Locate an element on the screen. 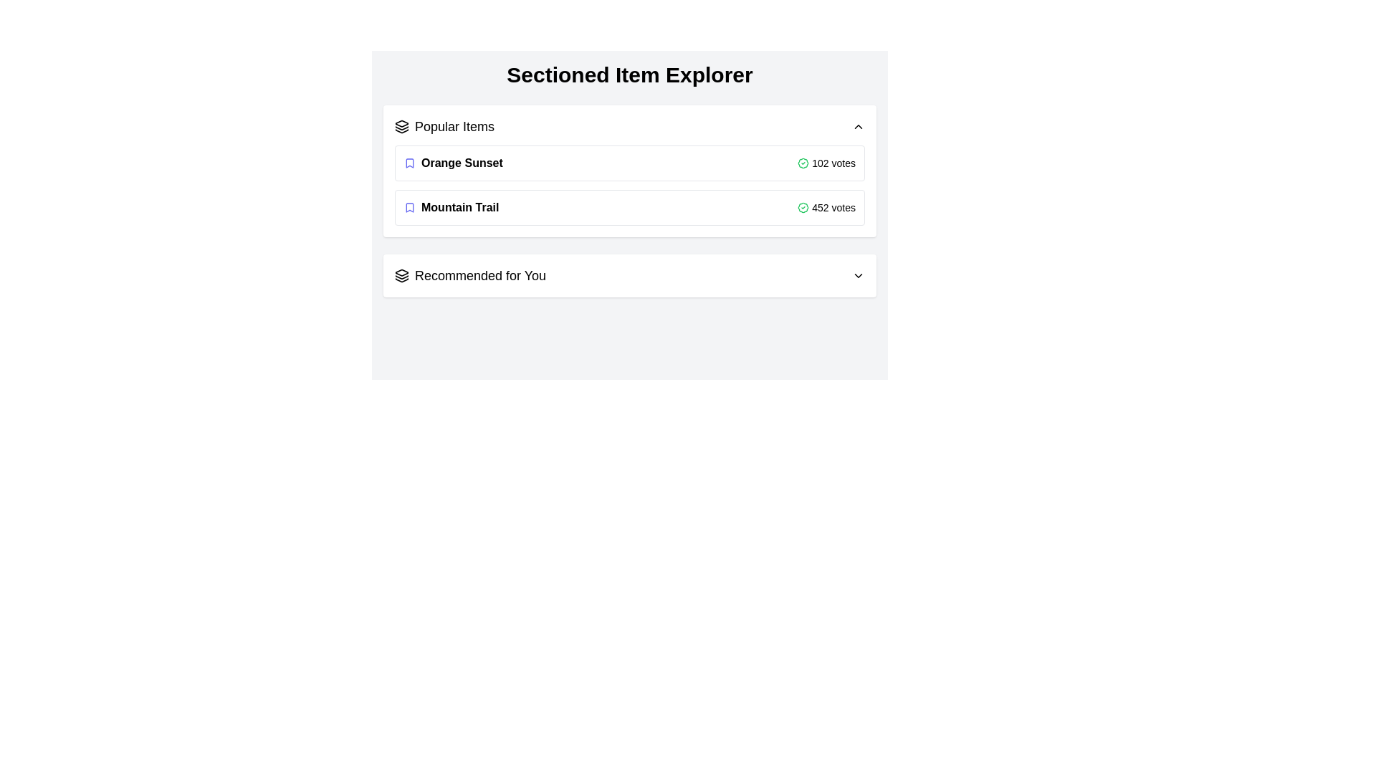  the bookmark icon representing the 'Mountain Trail' item in the 'Popular Items' section is located at coordinates (408, 207).